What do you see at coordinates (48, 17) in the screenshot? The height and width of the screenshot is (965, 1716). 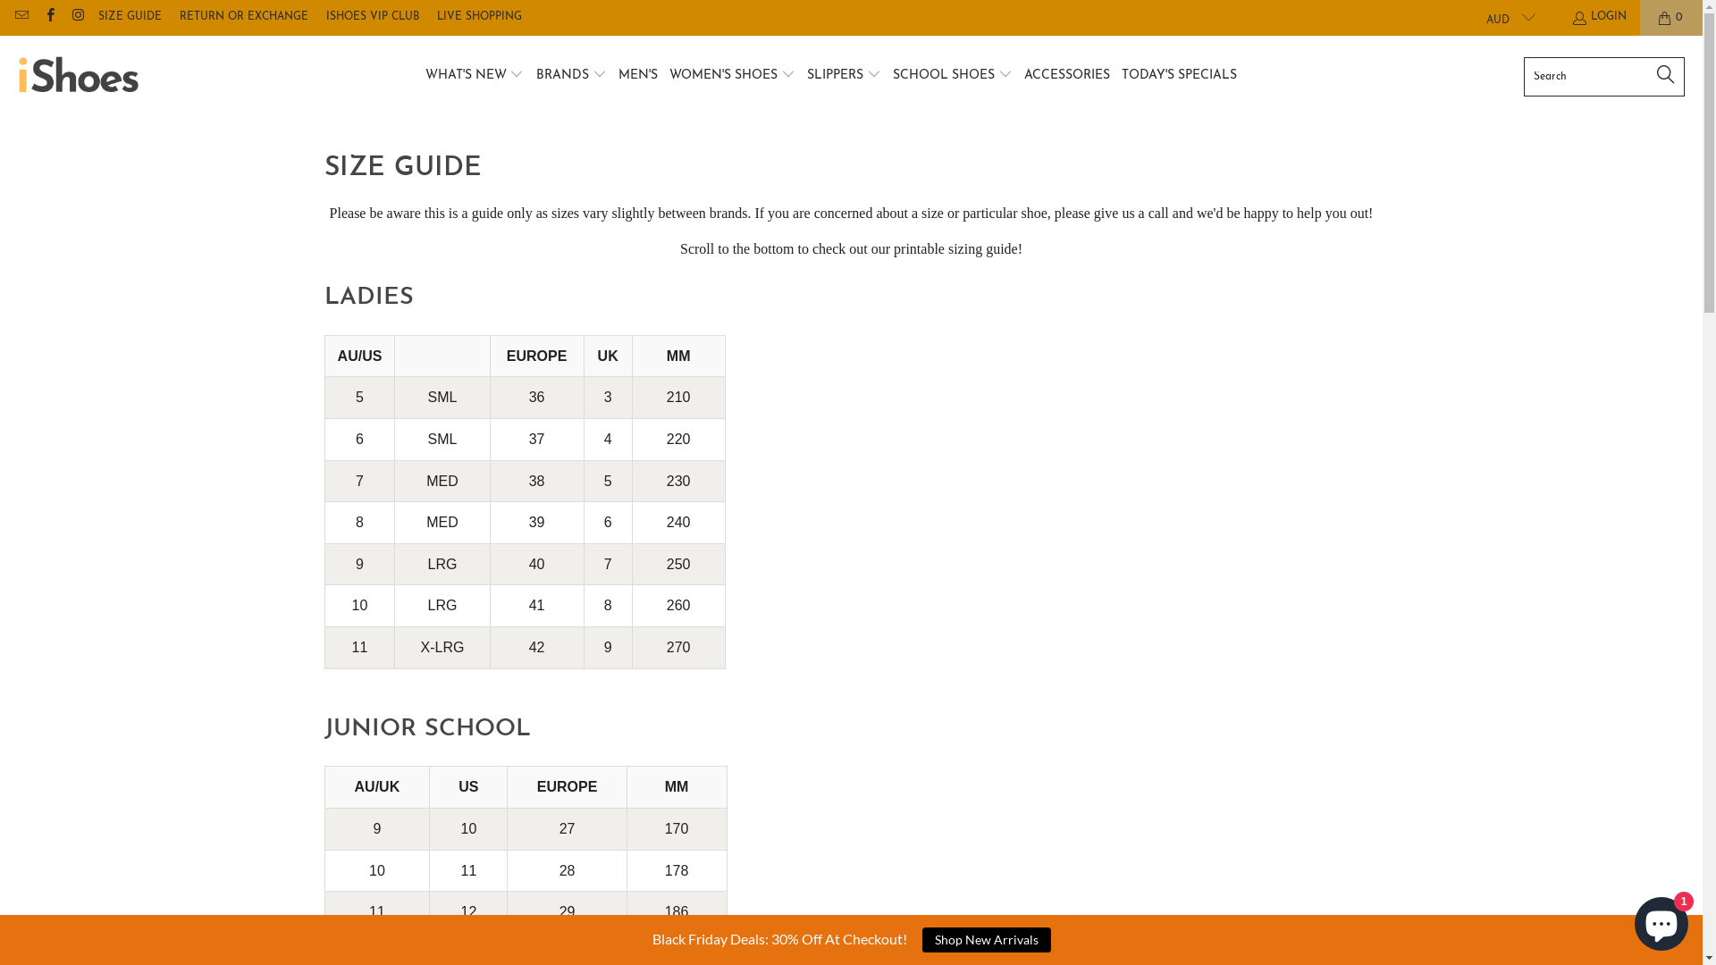 I see `'iShoes on Facebook'` at bounding box center [48, 17].